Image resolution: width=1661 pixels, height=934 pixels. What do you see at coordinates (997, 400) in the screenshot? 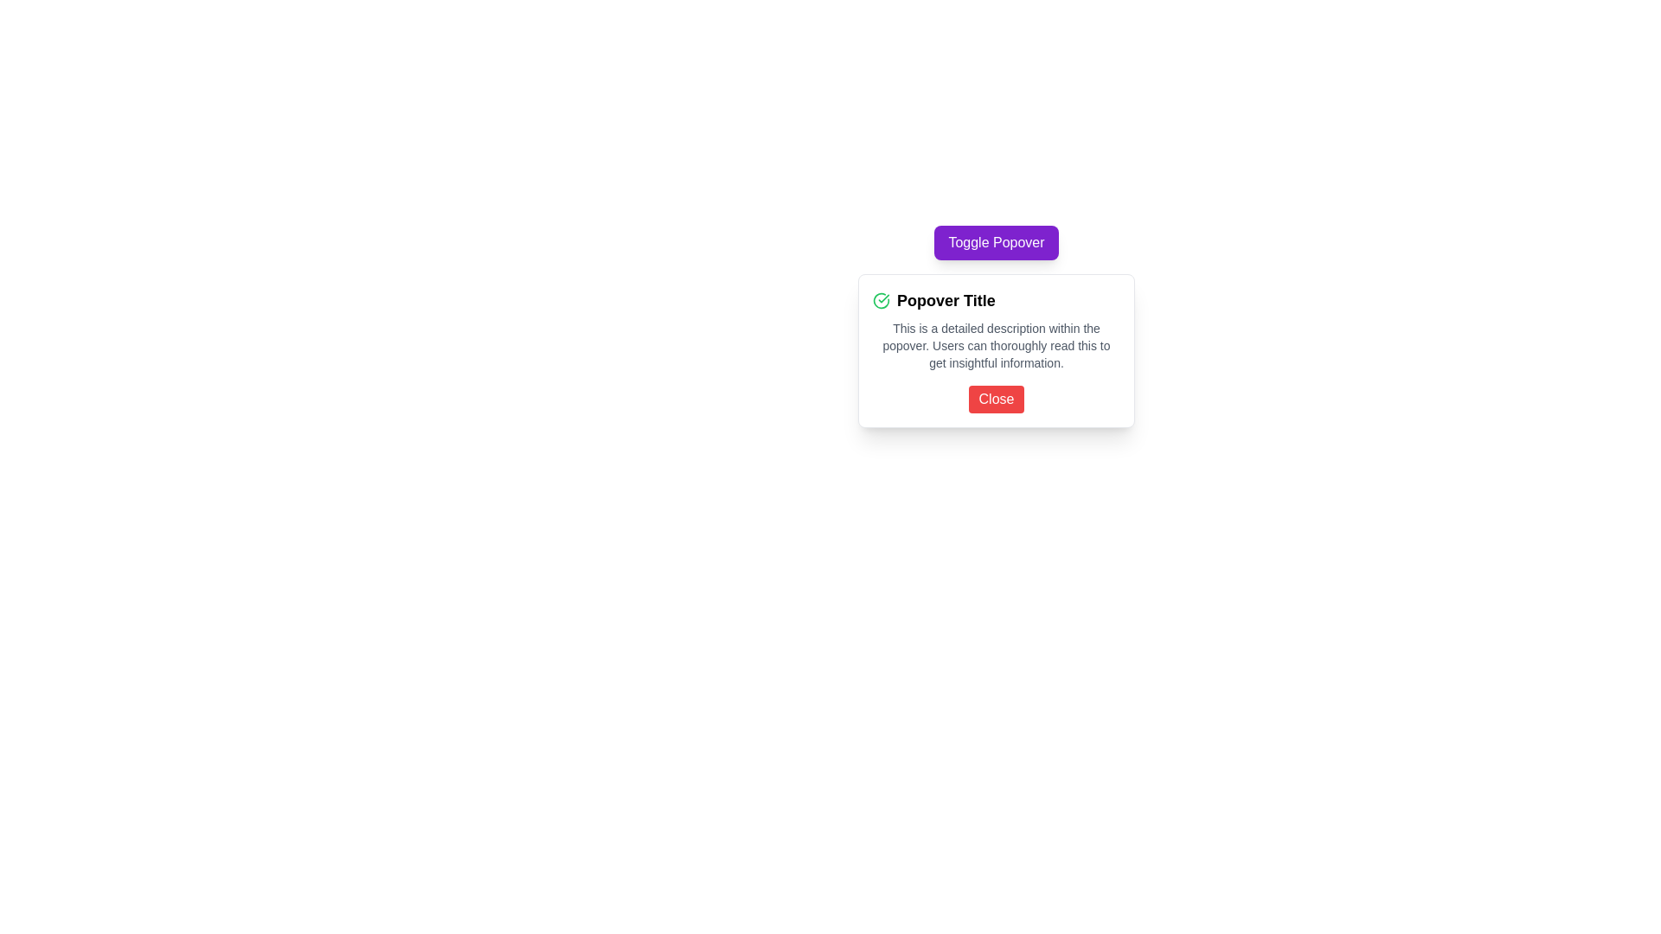
I see `the close button located at the bottom of the popover to observe the hover effect` at bounding box center [997, 400].